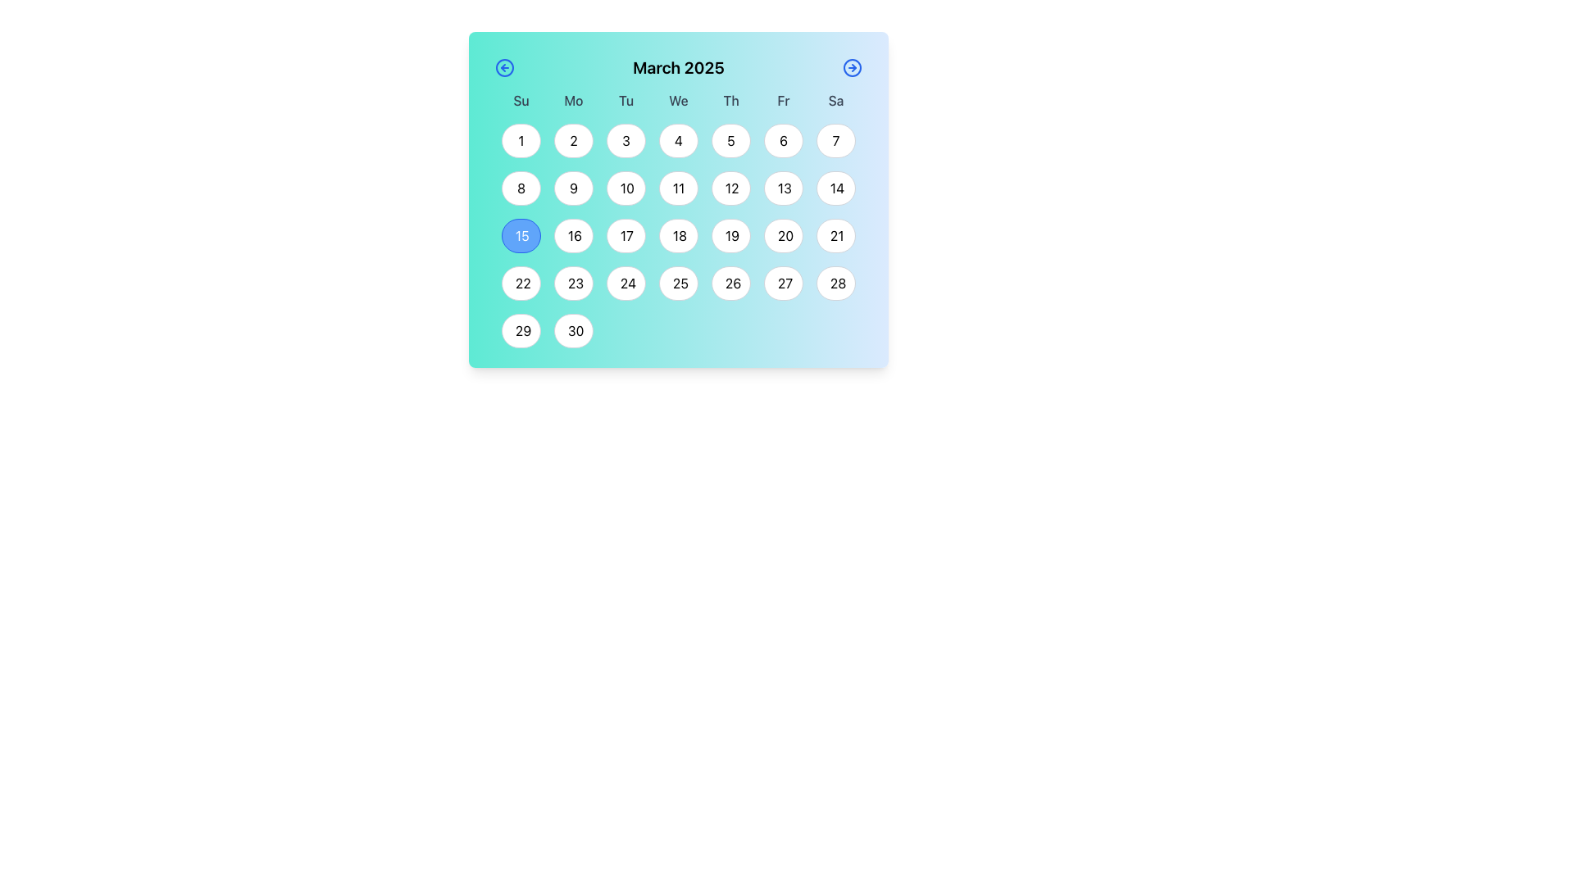 The image size is (1574, 885). I want to click on the next month navigation button located at the far right of the calendar header, adjacent to 'March 2025', so click(853, 67).